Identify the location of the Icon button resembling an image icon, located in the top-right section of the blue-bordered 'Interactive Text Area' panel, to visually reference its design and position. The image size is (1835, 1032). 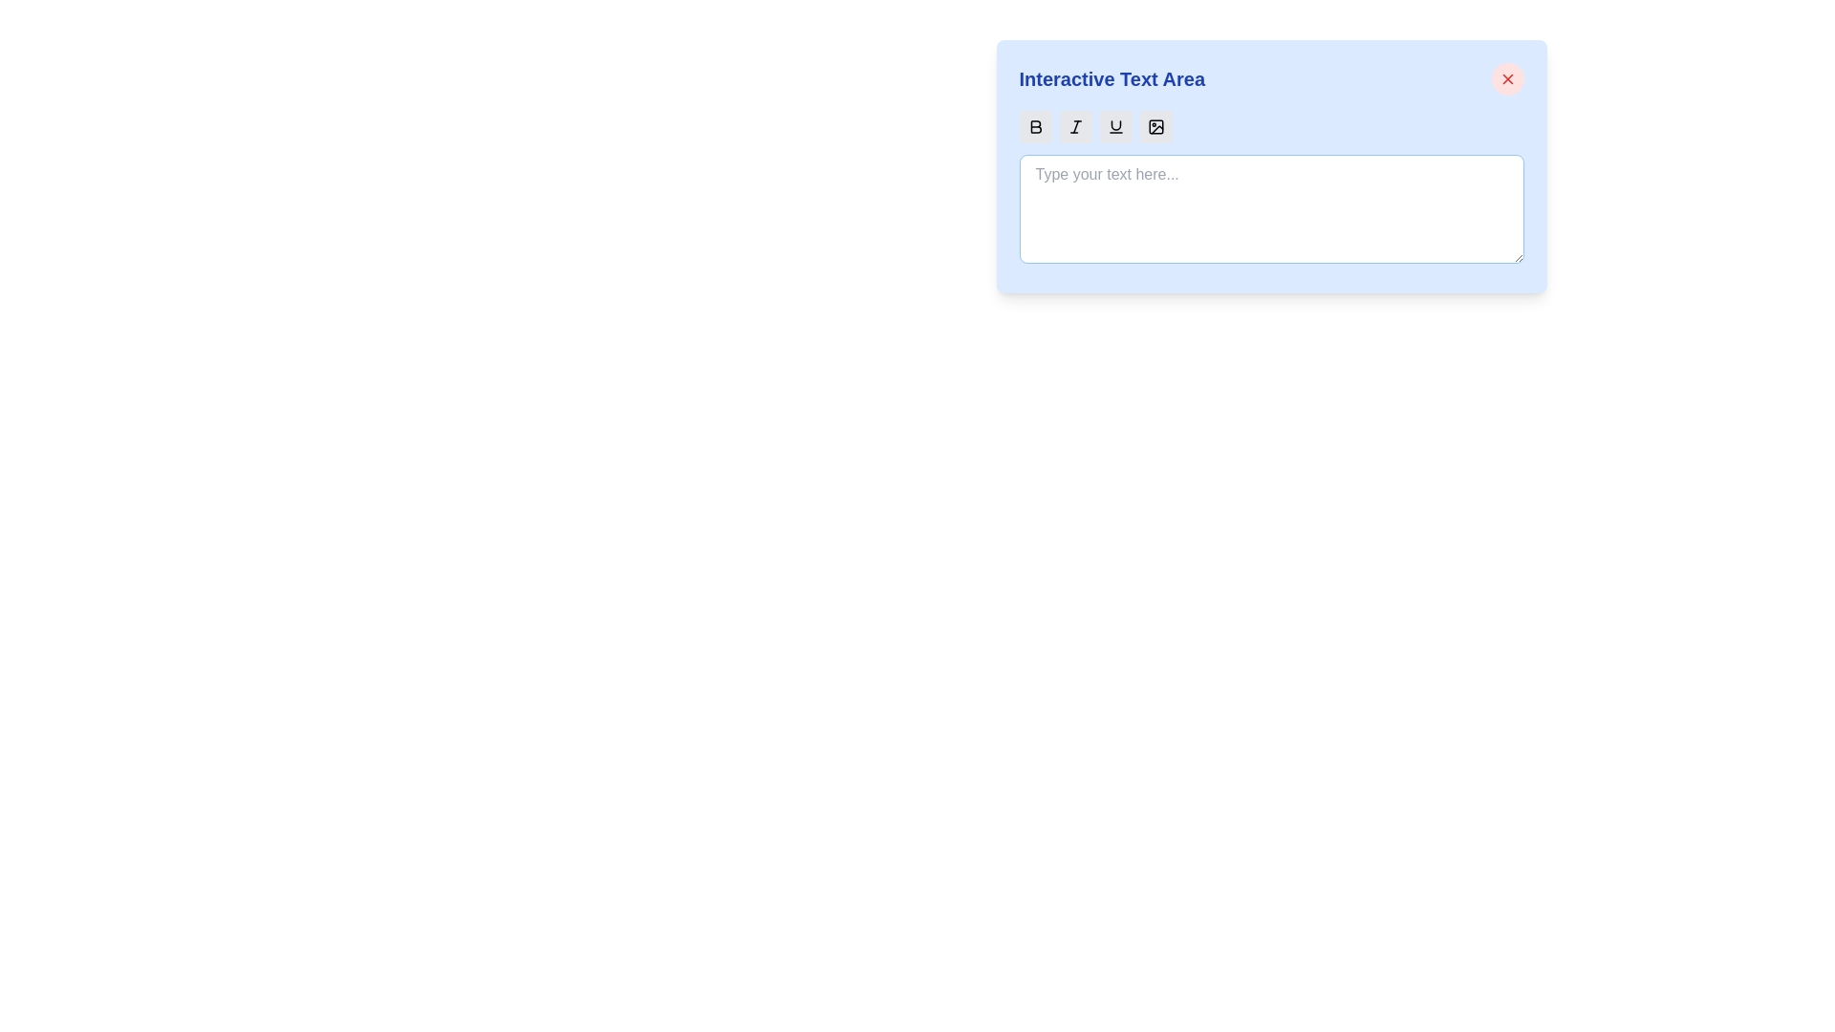
(1155, 126).